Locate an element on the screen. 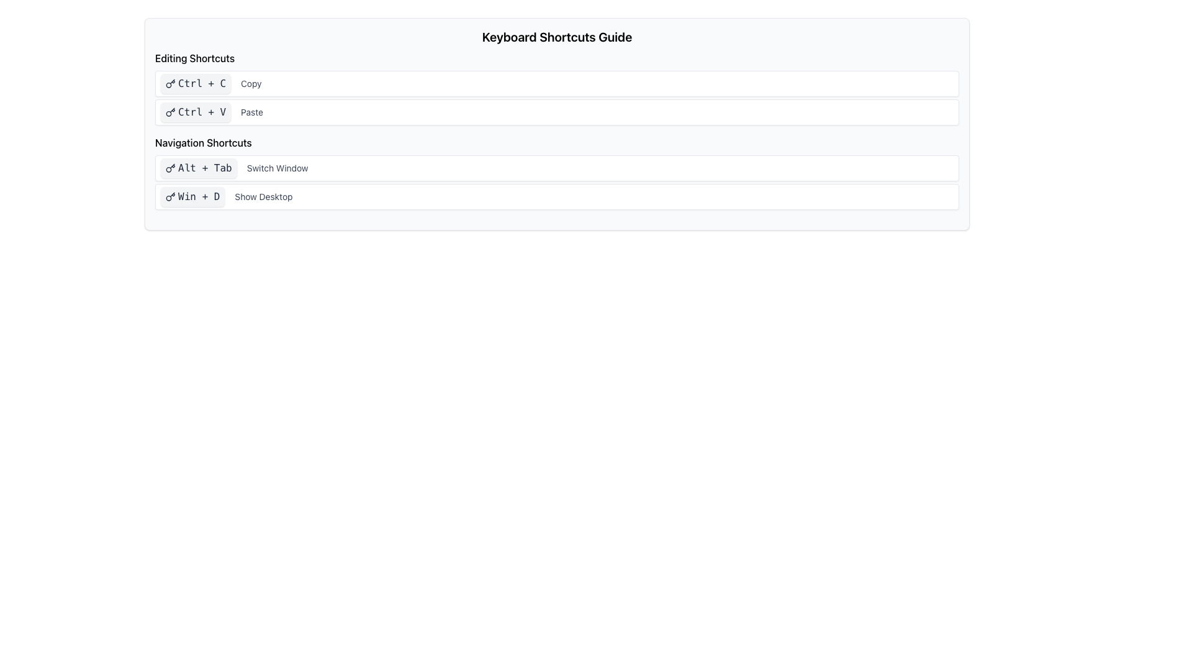 This screenshot has width=1192, height=671. the List Item displaying 'Ctrl + V' followed by 'Paste', which is the second item in the list of editing shortcuts is located at coordinates (556, 112).